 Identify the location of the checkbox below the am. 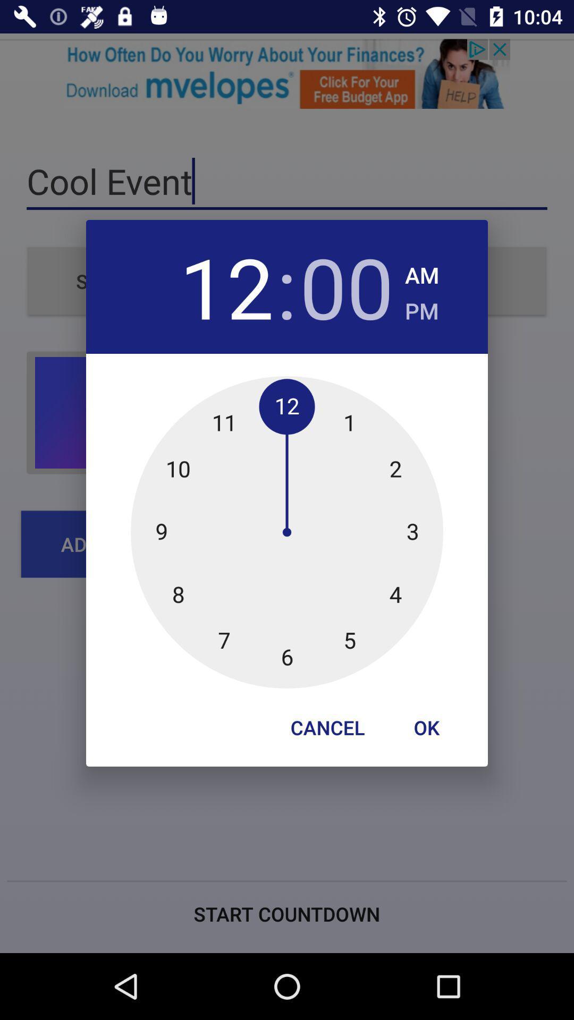
(421, 307).